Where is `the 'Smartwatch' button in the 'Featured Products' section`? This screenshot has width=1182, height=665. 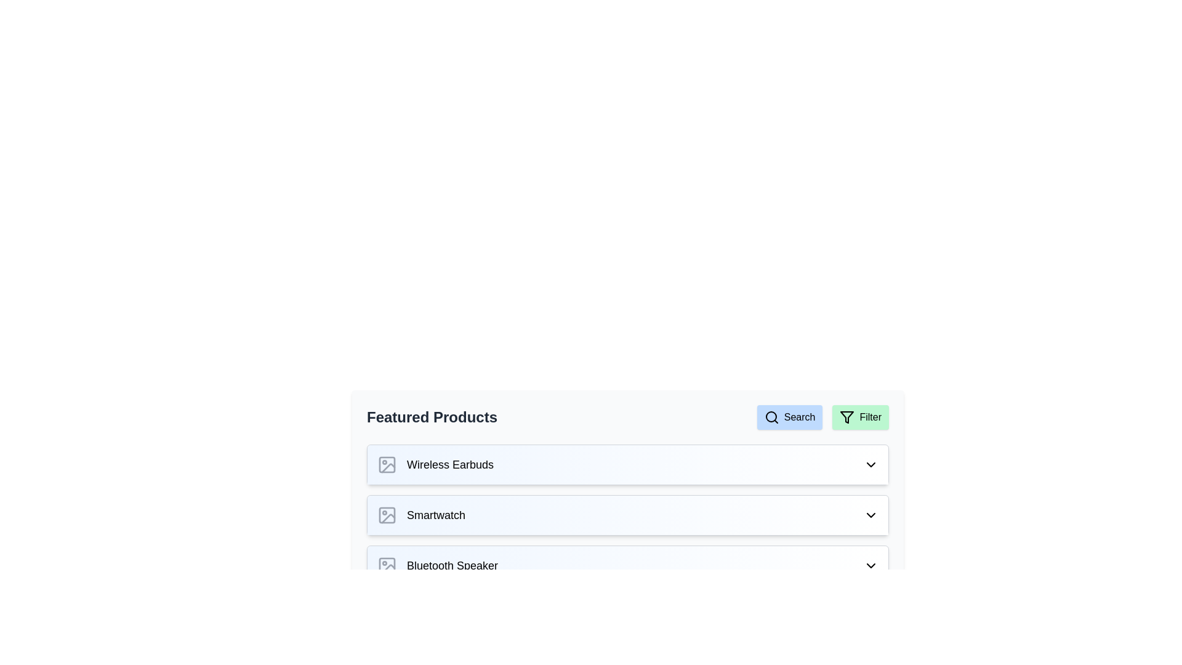 the 'Smartwatch' button in the 'Featured Products' section is located at coordinates (627, 515).